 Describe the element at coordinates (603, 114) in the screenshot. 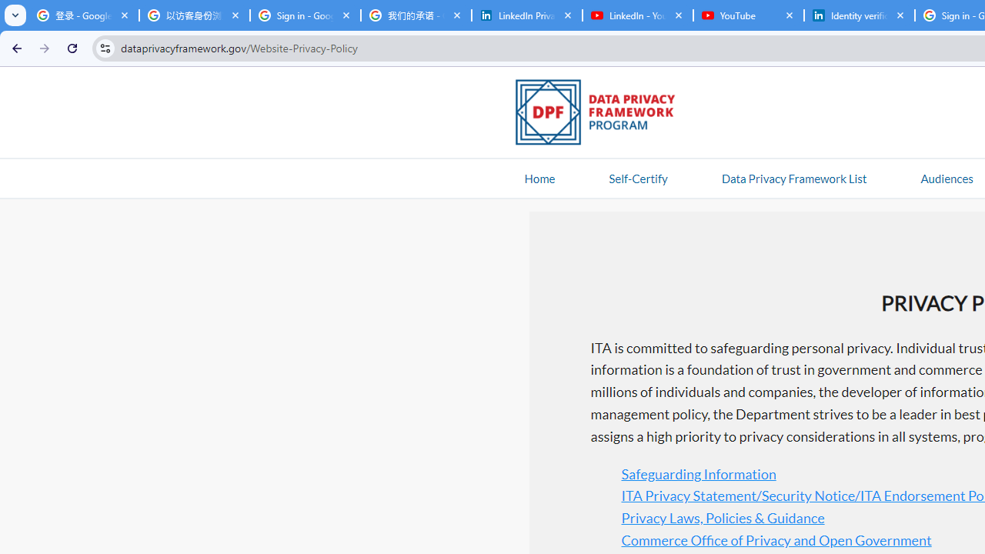

I see `'Data Privacy Framework Logo - Link to Homepage'` at that location.